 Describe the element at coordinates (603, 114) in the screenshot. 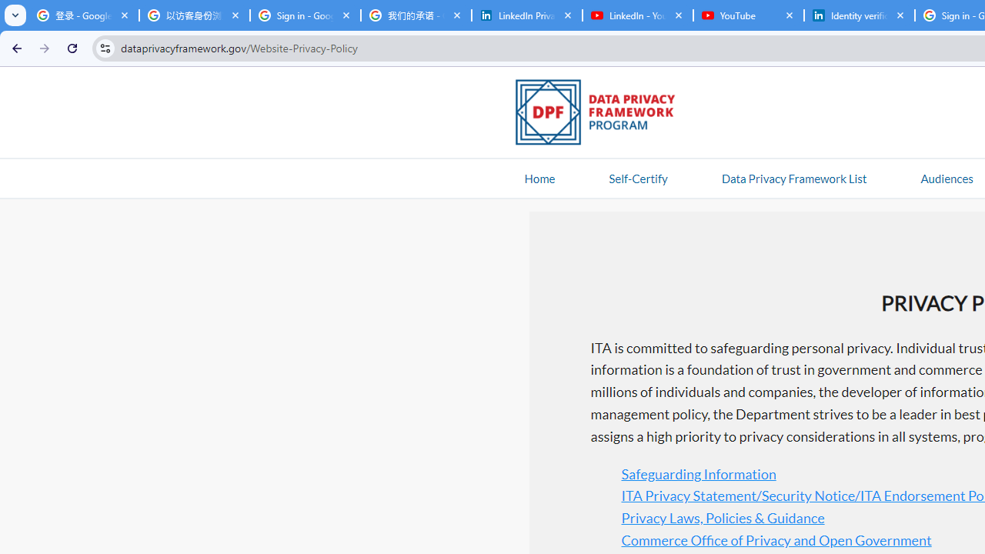

I see `'Data Privacy Framework Logo - Link to Homepage'` at that location.